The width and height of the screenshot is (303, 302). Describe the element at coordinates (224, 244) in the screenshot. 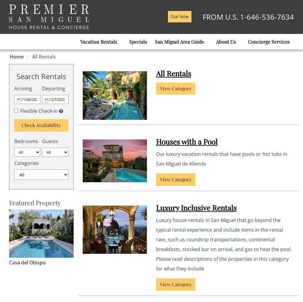

I see `'Luxury house rentals in San Miguel that go beyond the typical rental experience and include items in the rental rate, such as roundtrip transportations, continental breakfasts, stocked bar on arrival, and gas to heat the pool. Please read descriptions of the properties in this category for what they include.'` at that location.